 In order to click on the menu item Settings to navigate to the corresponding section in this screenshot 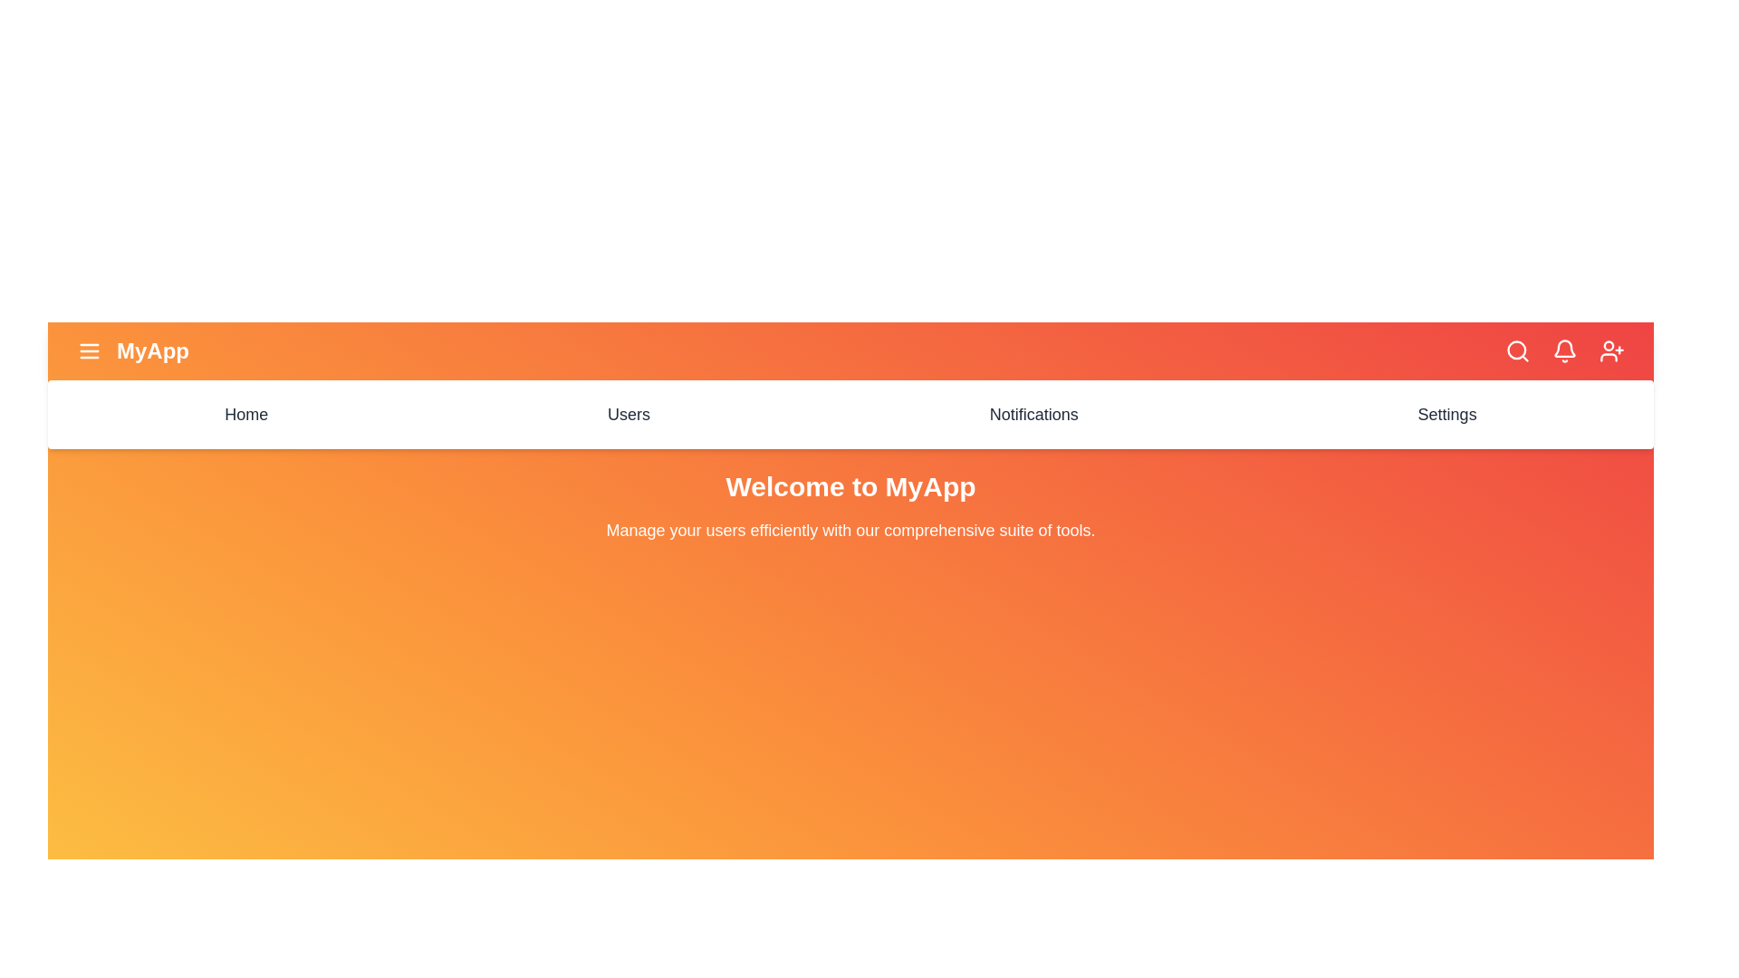, I will do `click(1446, 415)`.